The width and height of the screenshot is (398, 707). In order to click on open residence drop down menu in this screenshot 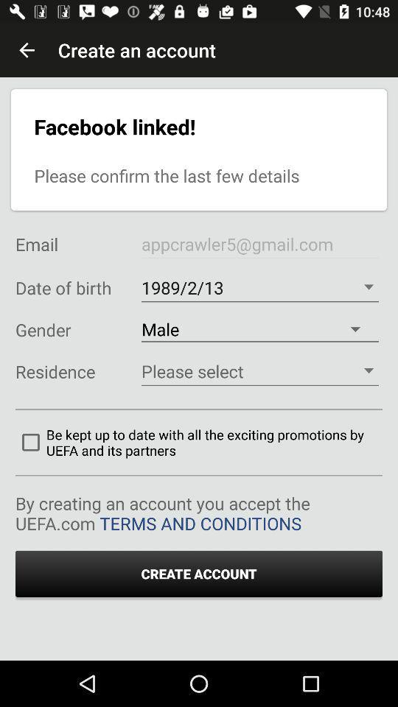, I will do `click(259, 370)`.